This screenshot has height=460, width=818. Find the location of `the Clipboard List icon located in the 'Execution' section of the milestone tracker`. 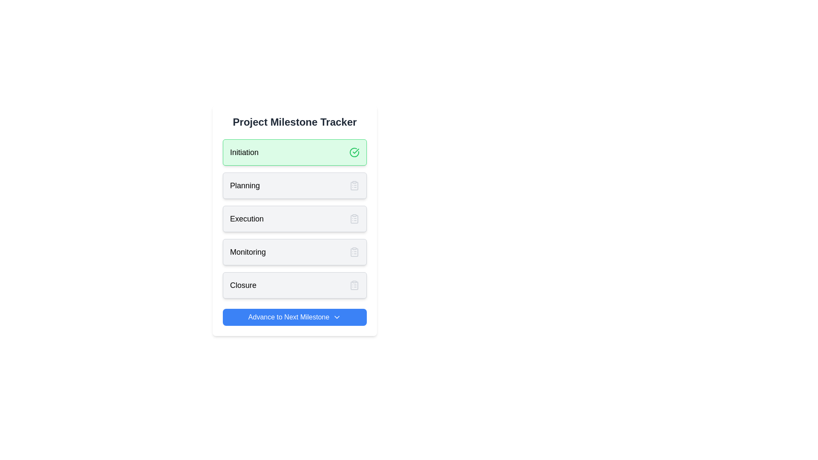

the Clipboard List icon located in the 'Execution' section of the milestone tracker is located at coordinates (354, 218).